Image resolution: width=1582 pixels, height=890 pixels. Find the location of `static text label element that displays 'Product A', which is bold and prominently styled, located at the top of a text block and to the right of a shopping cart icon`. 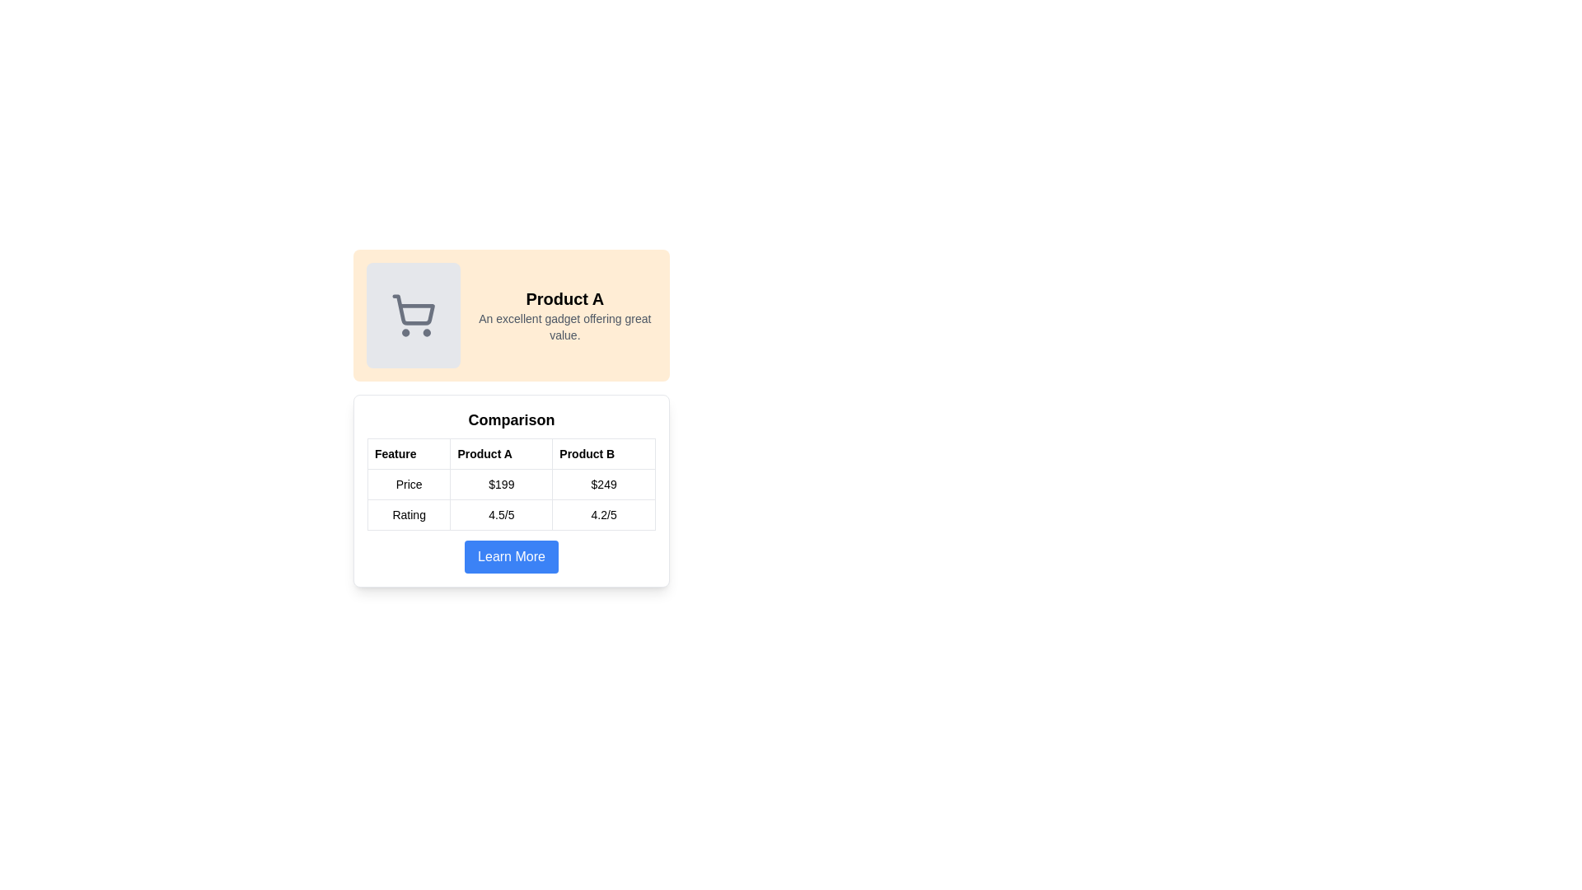

static text label element that displays 'Product A', which is bold and prominently styled, located at the top of a text block and to the right of a shopping cart icon is located at coordinates (564, 298).